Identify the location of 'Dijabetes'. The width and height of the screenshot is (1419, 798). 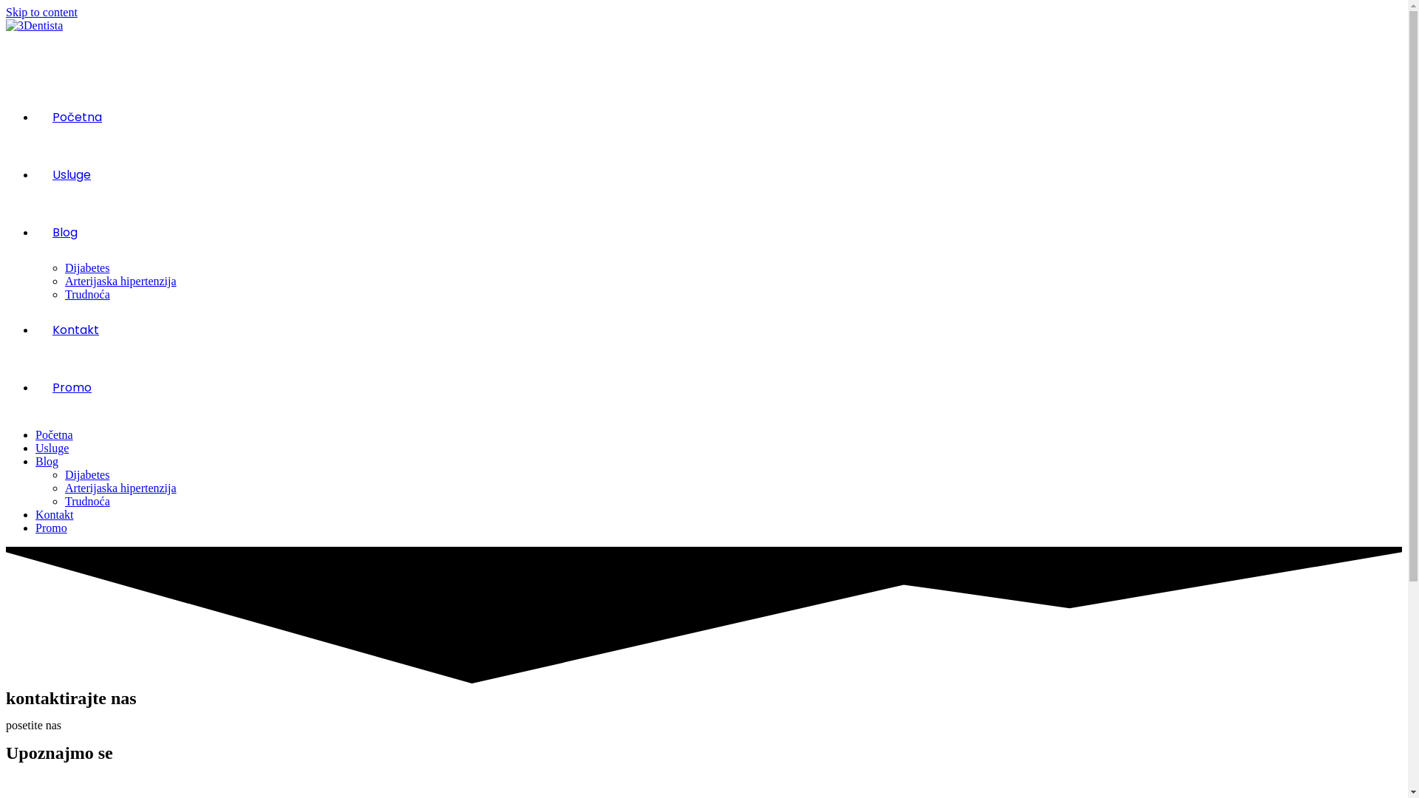
(64, 267).